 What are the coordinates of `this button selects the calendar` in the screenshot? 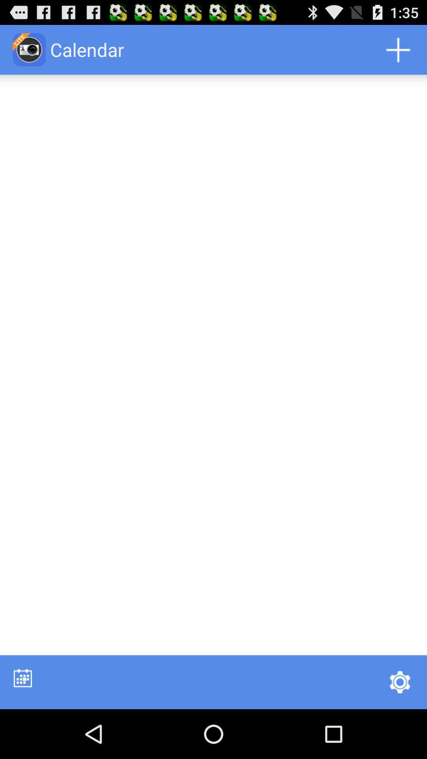 It's located at (22, 678).